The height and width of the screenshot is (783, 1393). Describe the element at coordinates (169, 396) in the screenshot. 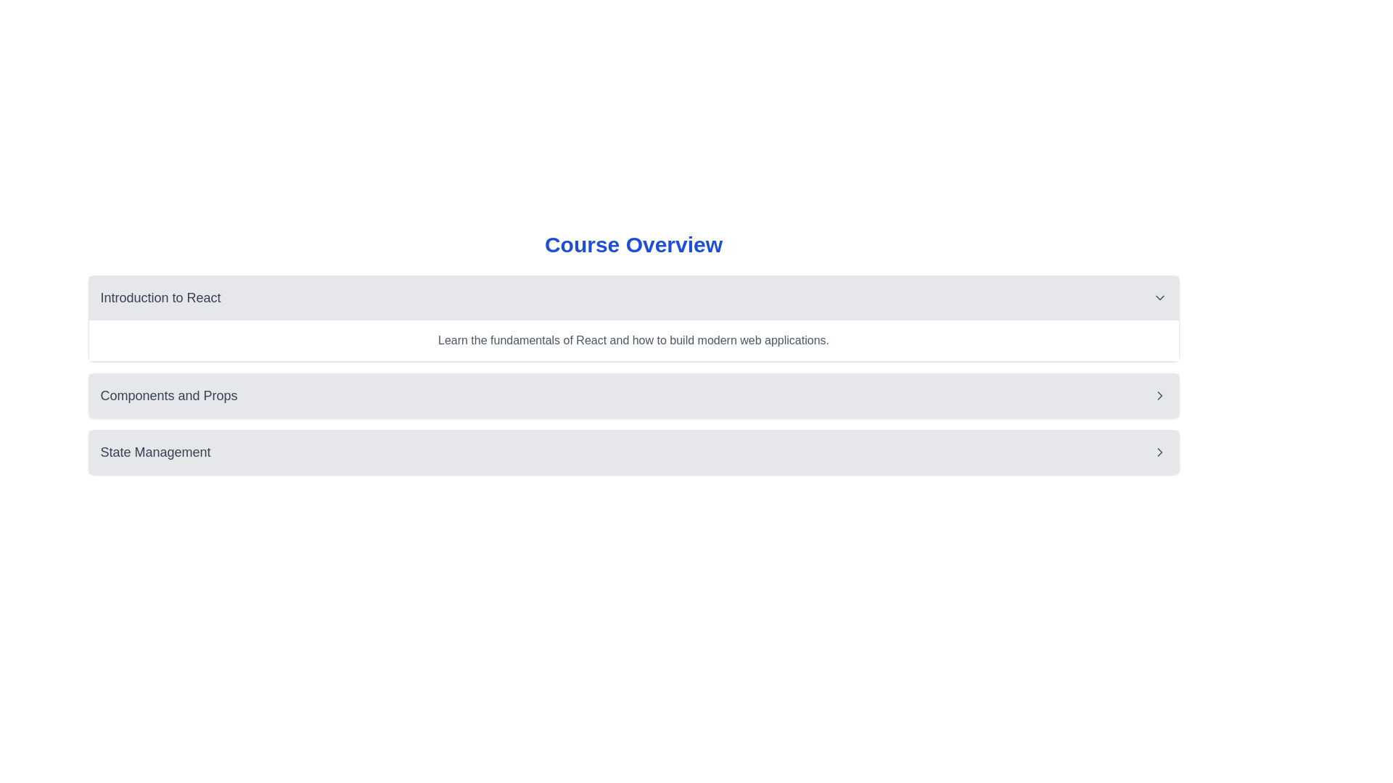

I see `the primary heading text label indicating the content or topic, positioned between 'Introduction to React' and 'State Management'` at that location.